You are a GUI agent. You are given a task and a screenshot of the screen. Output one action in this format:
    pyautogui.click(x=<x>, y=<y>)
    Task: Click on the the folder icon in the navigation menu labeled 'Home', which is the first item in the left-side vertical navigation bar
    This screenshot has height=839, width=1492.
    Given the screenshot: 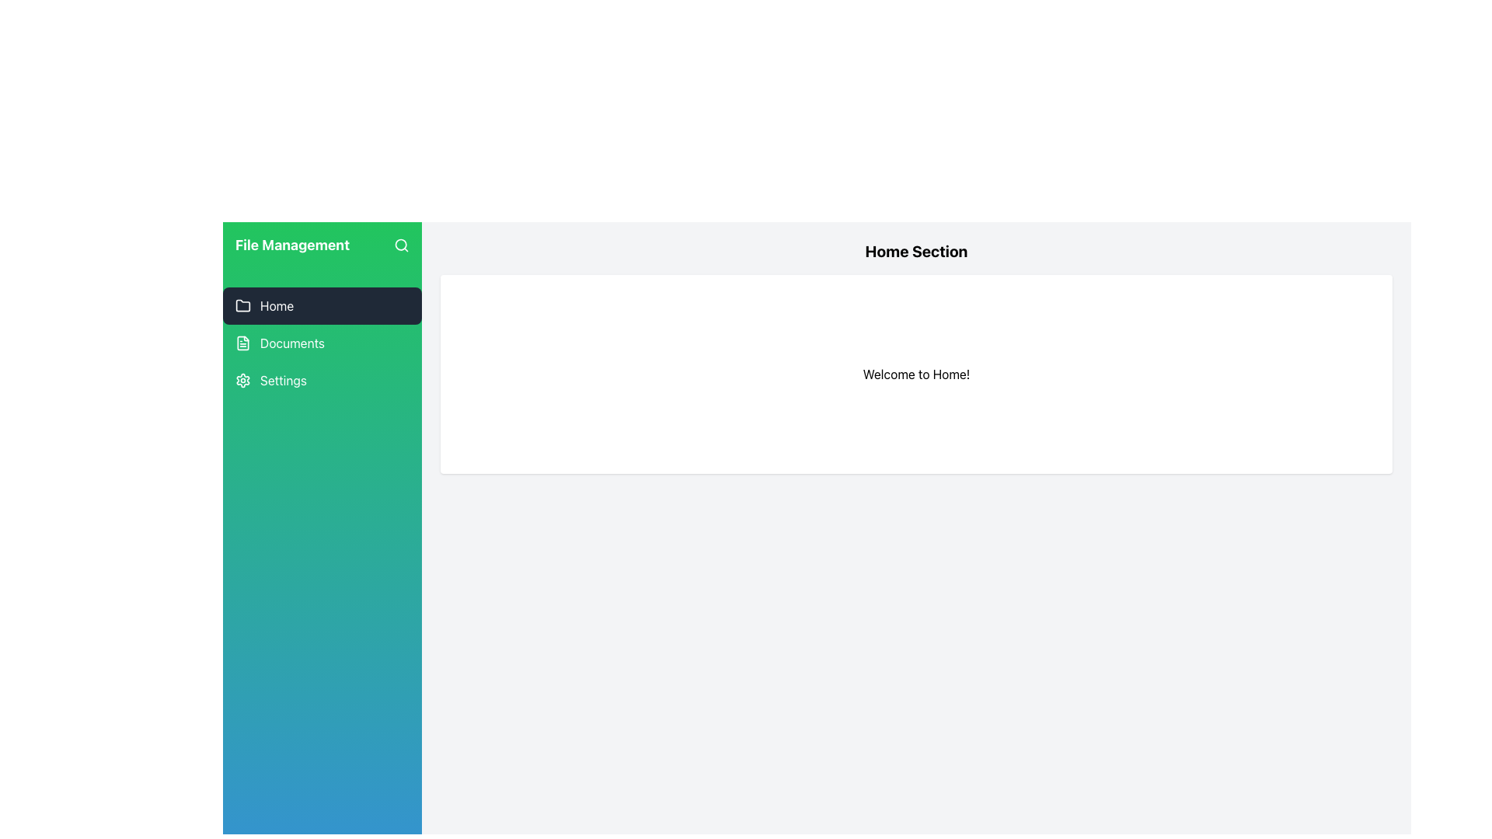 What is the action you would take?
    pyautogui.click(x=242, y=305)
    